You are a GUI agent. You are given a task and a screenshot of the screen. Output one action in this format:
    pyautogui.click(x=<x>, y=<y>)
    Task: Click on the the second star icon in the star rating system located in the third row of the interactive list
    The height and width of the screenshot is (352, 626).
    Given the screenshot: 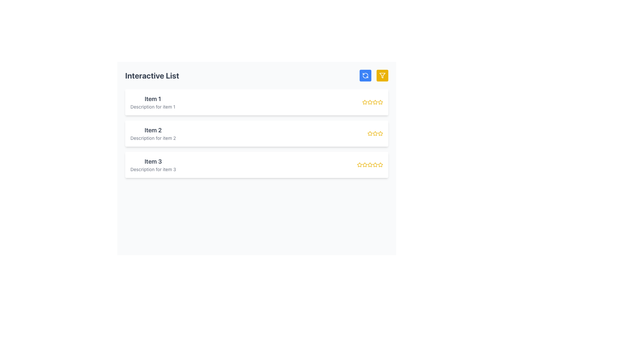 What is the action you would take?
    pyautogui.click(x=364, y=164)
    